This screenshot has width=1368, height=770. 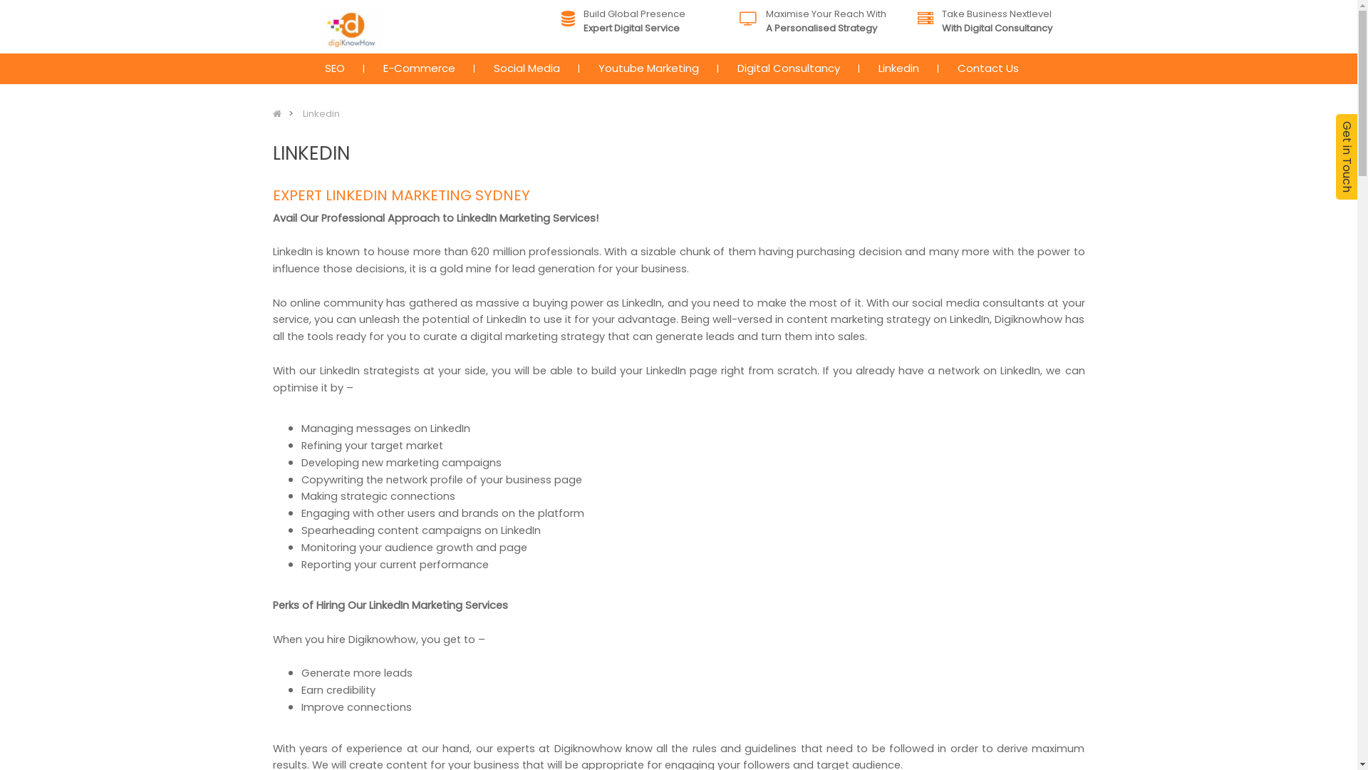 I want to click on 'Digital Consultancy', so click(x=788, y=68).